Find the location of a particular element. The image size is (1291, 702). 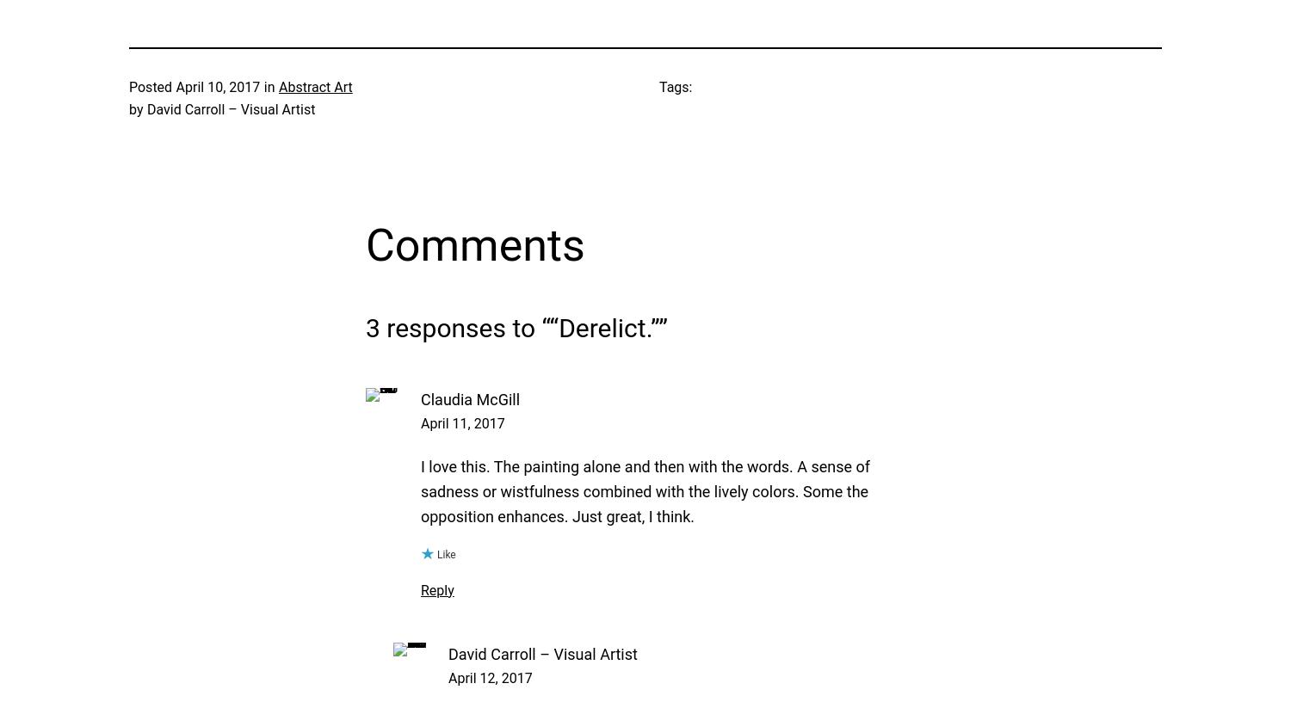

'April 11, 2017' is located at coordinates (462, 422).